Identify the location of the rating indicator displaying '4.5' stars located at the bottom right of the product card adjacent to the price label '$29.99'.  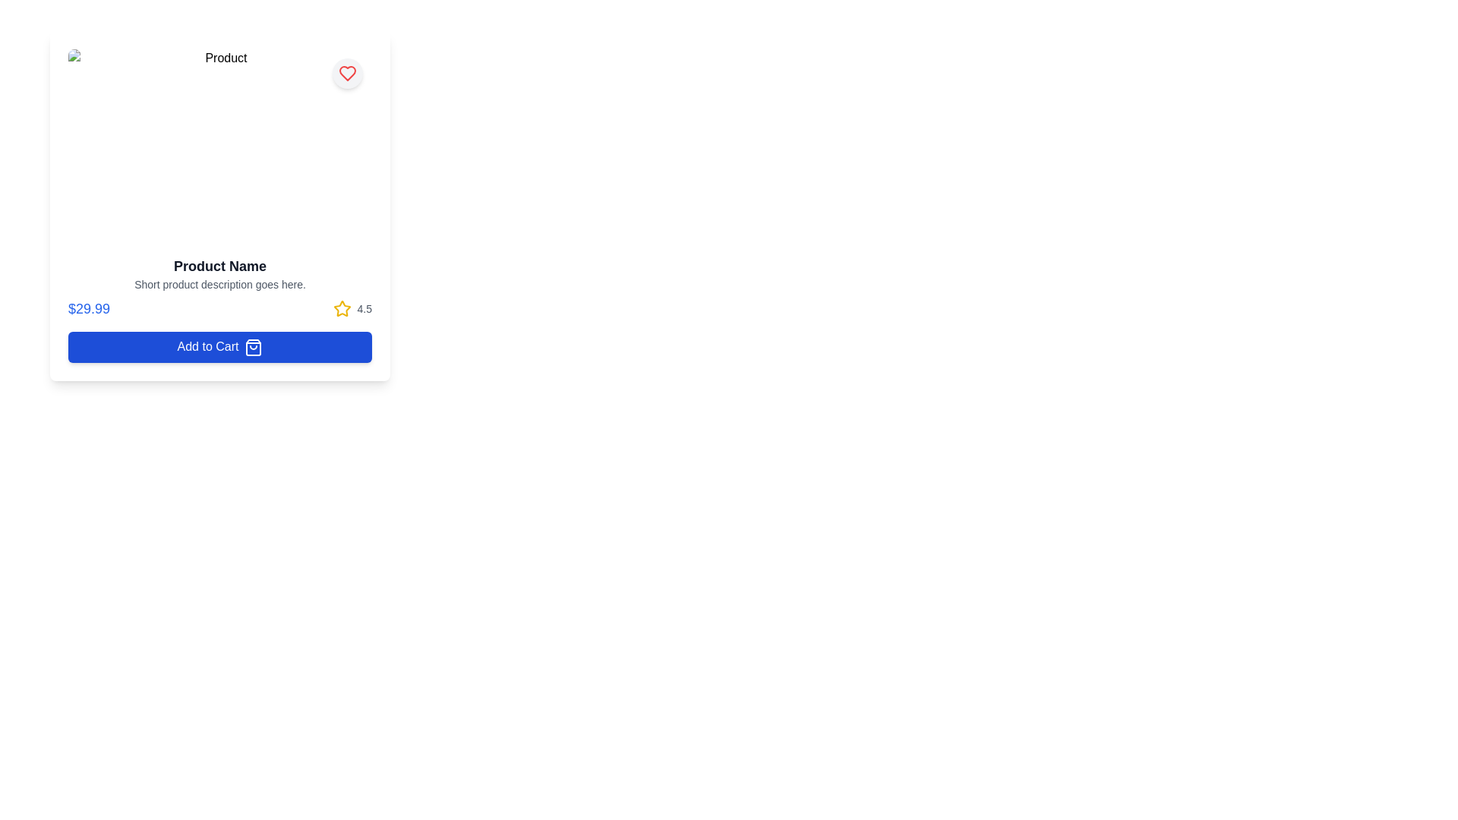
(352, 308).